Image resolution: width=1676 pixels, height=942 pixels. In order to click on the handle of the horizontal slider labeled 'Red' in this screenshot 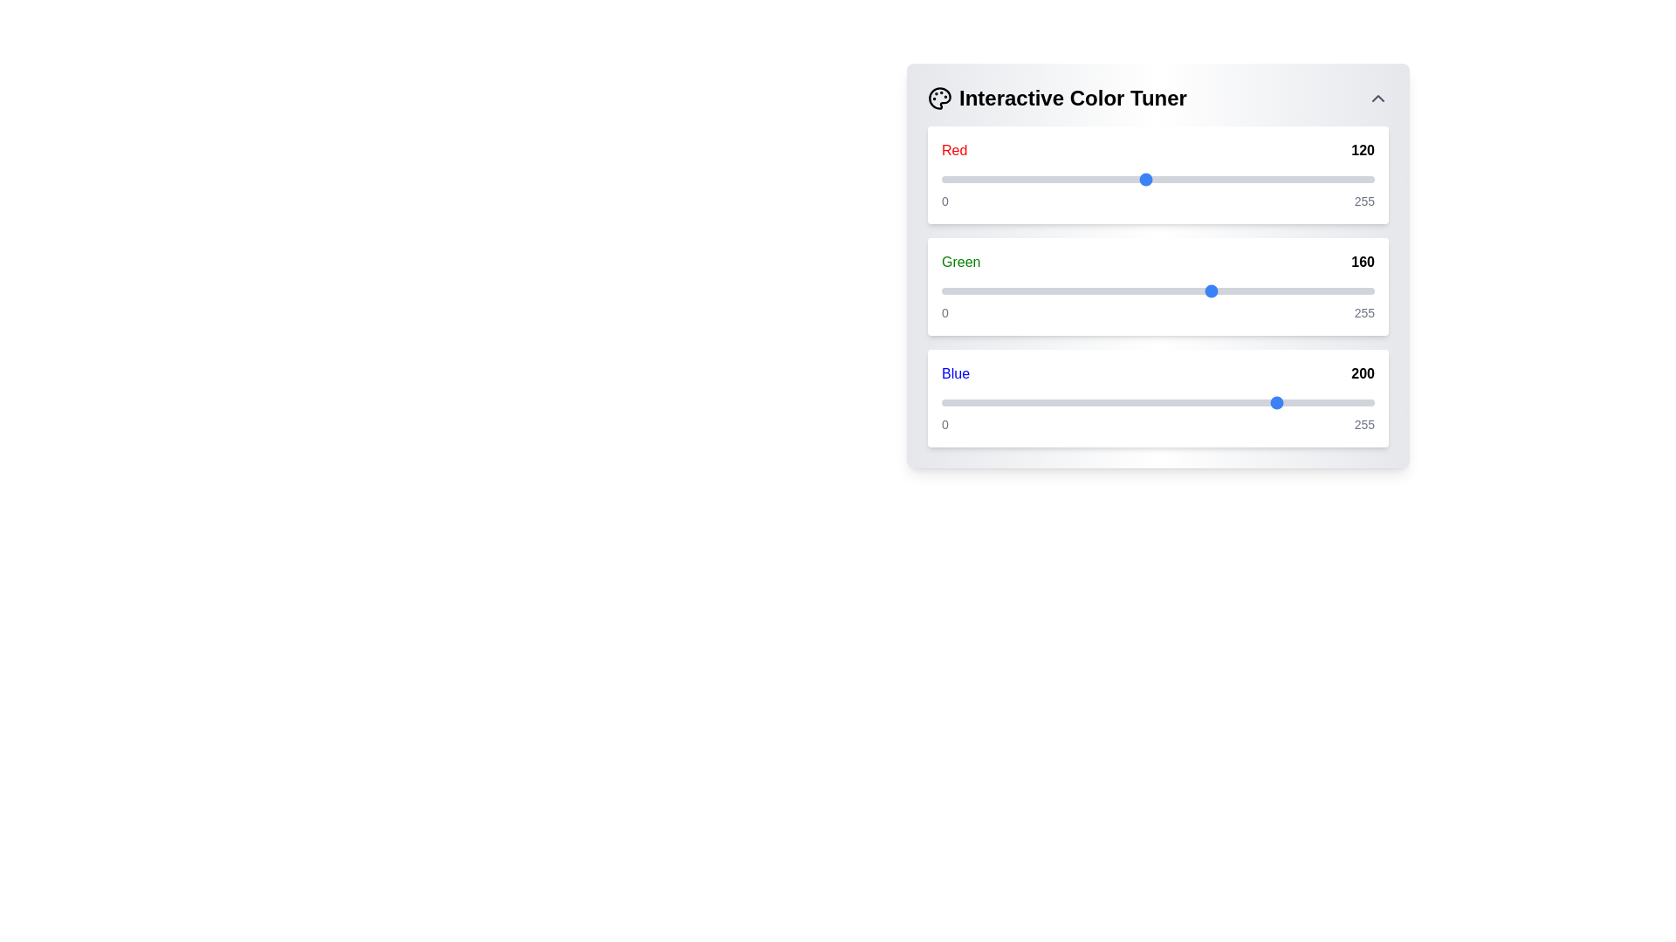, I will do `click(1157, 179)`.